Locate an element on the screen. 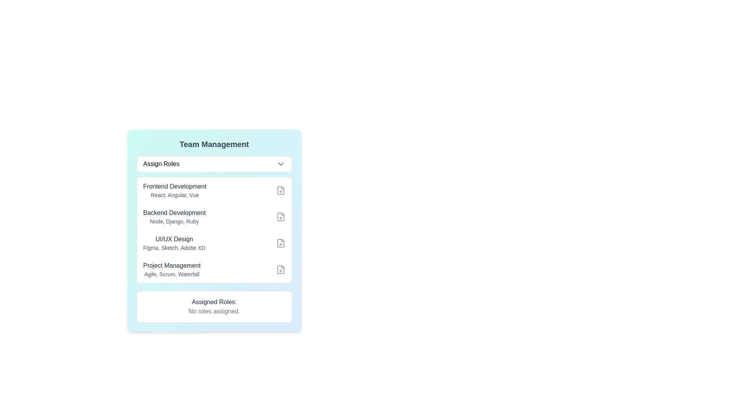 The image size is (746, 419). text content of the Text display element titled 'Frontend Development' which includes the technologies 'React, Angular, Vue' is located at coordinates (174, 190).